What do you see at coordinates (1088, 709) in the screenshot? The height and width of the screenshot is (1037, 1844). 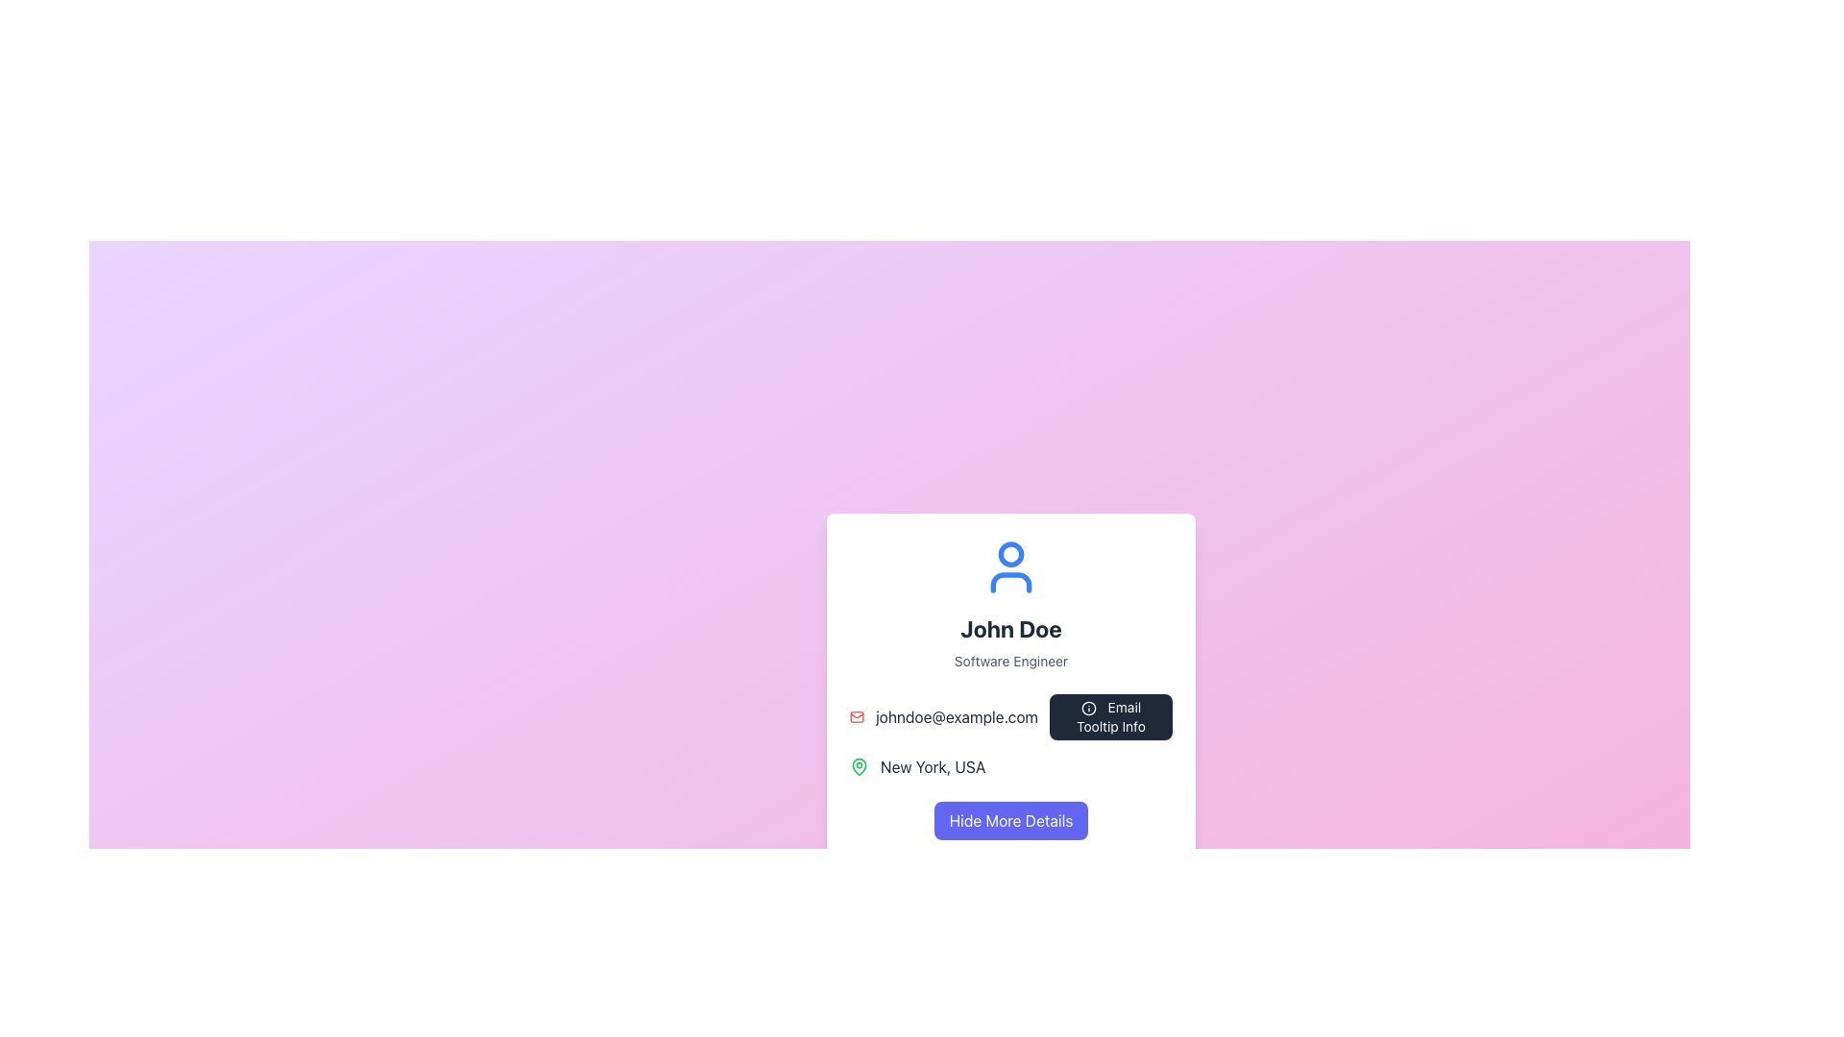 I see `the SVG Circle Element styled as a Lucide Info icon, positioned to the right of the 'Email Tooltip Info' text` at bounding box center [1088, 709].